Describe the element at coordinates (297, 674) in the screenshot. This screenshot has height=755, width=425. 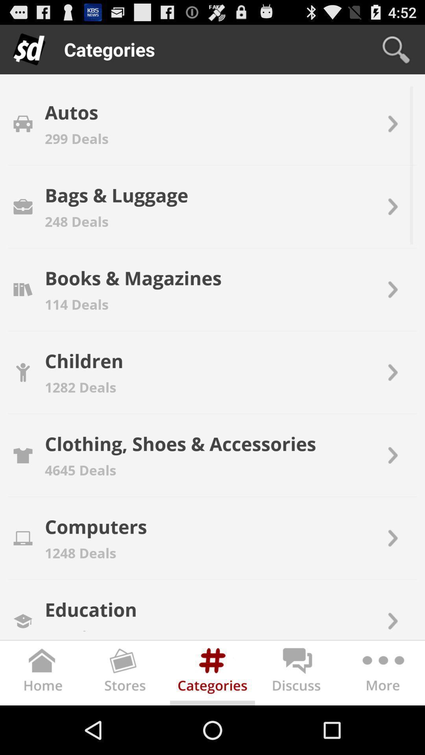
I see `chat` at that location.